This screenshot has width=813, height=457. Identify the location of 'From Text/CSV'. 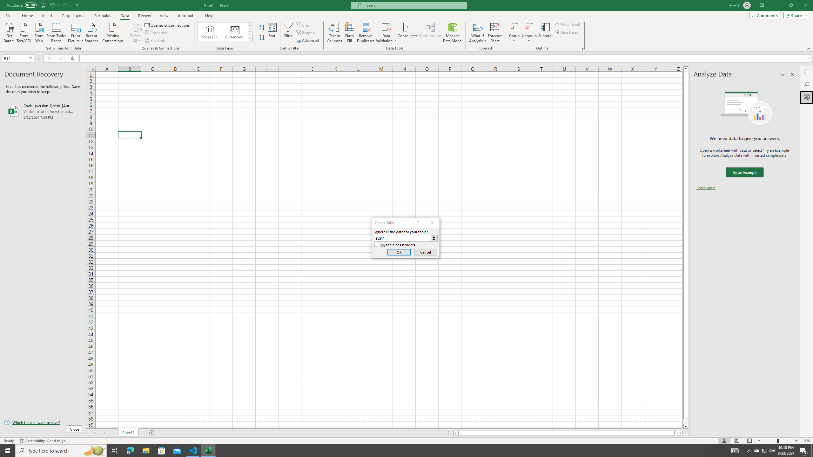
(24, 32).